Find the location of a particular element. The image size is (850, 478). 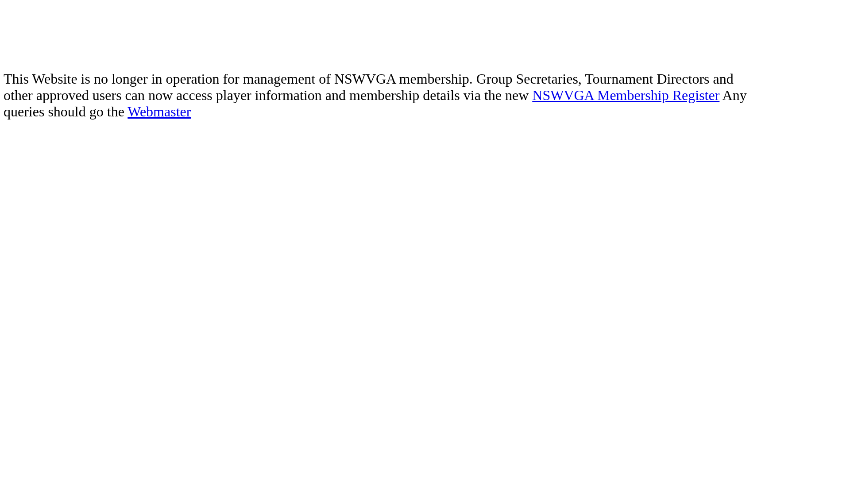

'Webmaster' is located at coordinates (159, 111).